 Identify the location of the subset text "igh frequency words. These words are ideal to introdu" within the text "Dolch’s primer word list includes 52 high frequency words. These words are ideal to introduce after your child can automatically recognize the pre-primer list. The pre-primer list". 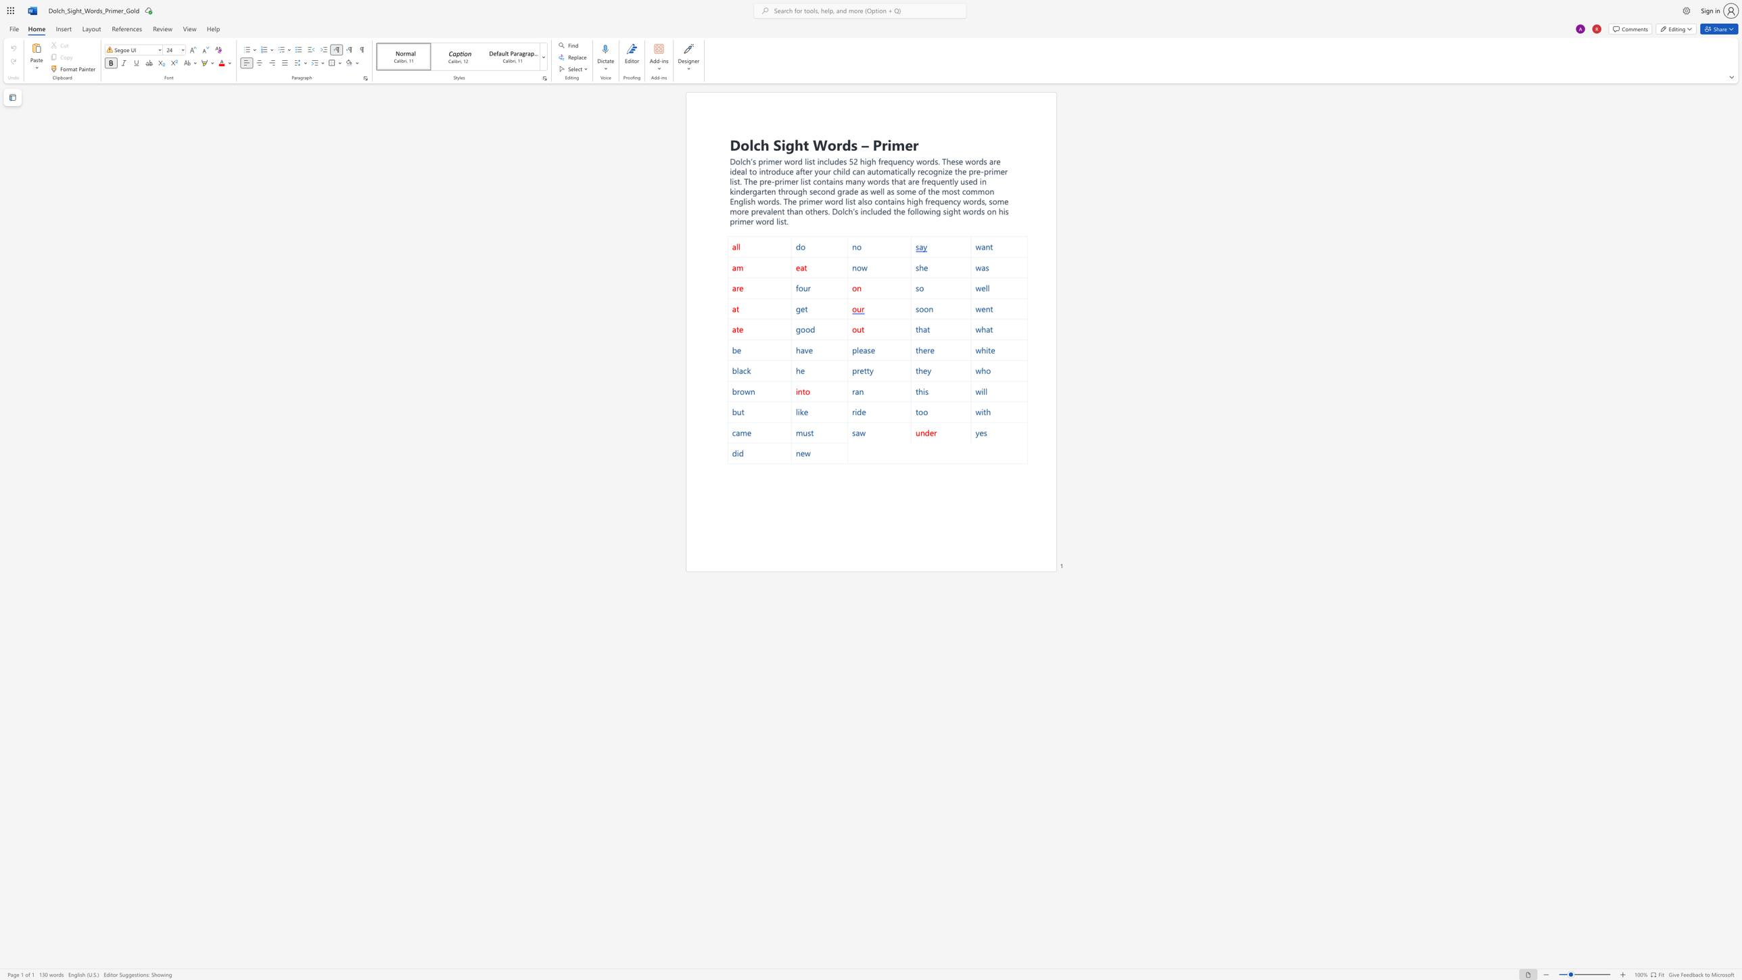
(864, 160).